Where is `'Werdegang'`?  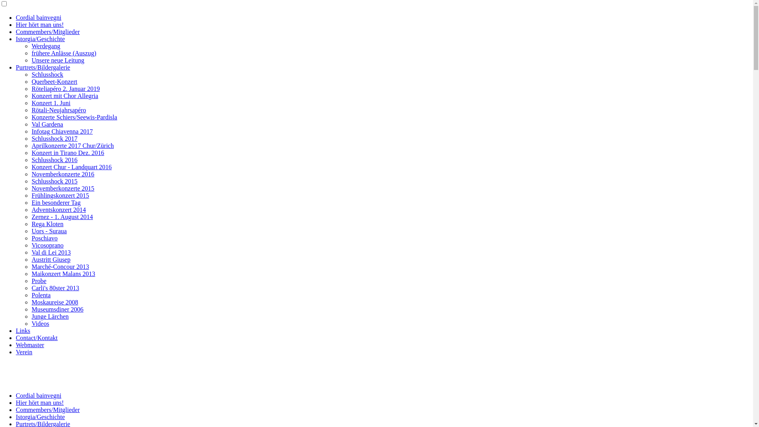 'Werdegang' is located at coordinates (32, 46).